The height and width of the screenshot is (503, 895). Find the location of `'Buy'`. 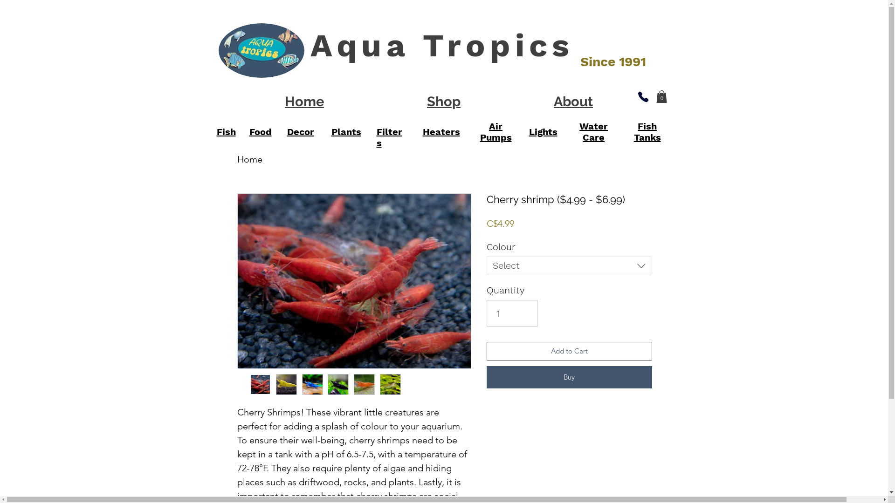

'Buy' is located at coordinates (569, 377).